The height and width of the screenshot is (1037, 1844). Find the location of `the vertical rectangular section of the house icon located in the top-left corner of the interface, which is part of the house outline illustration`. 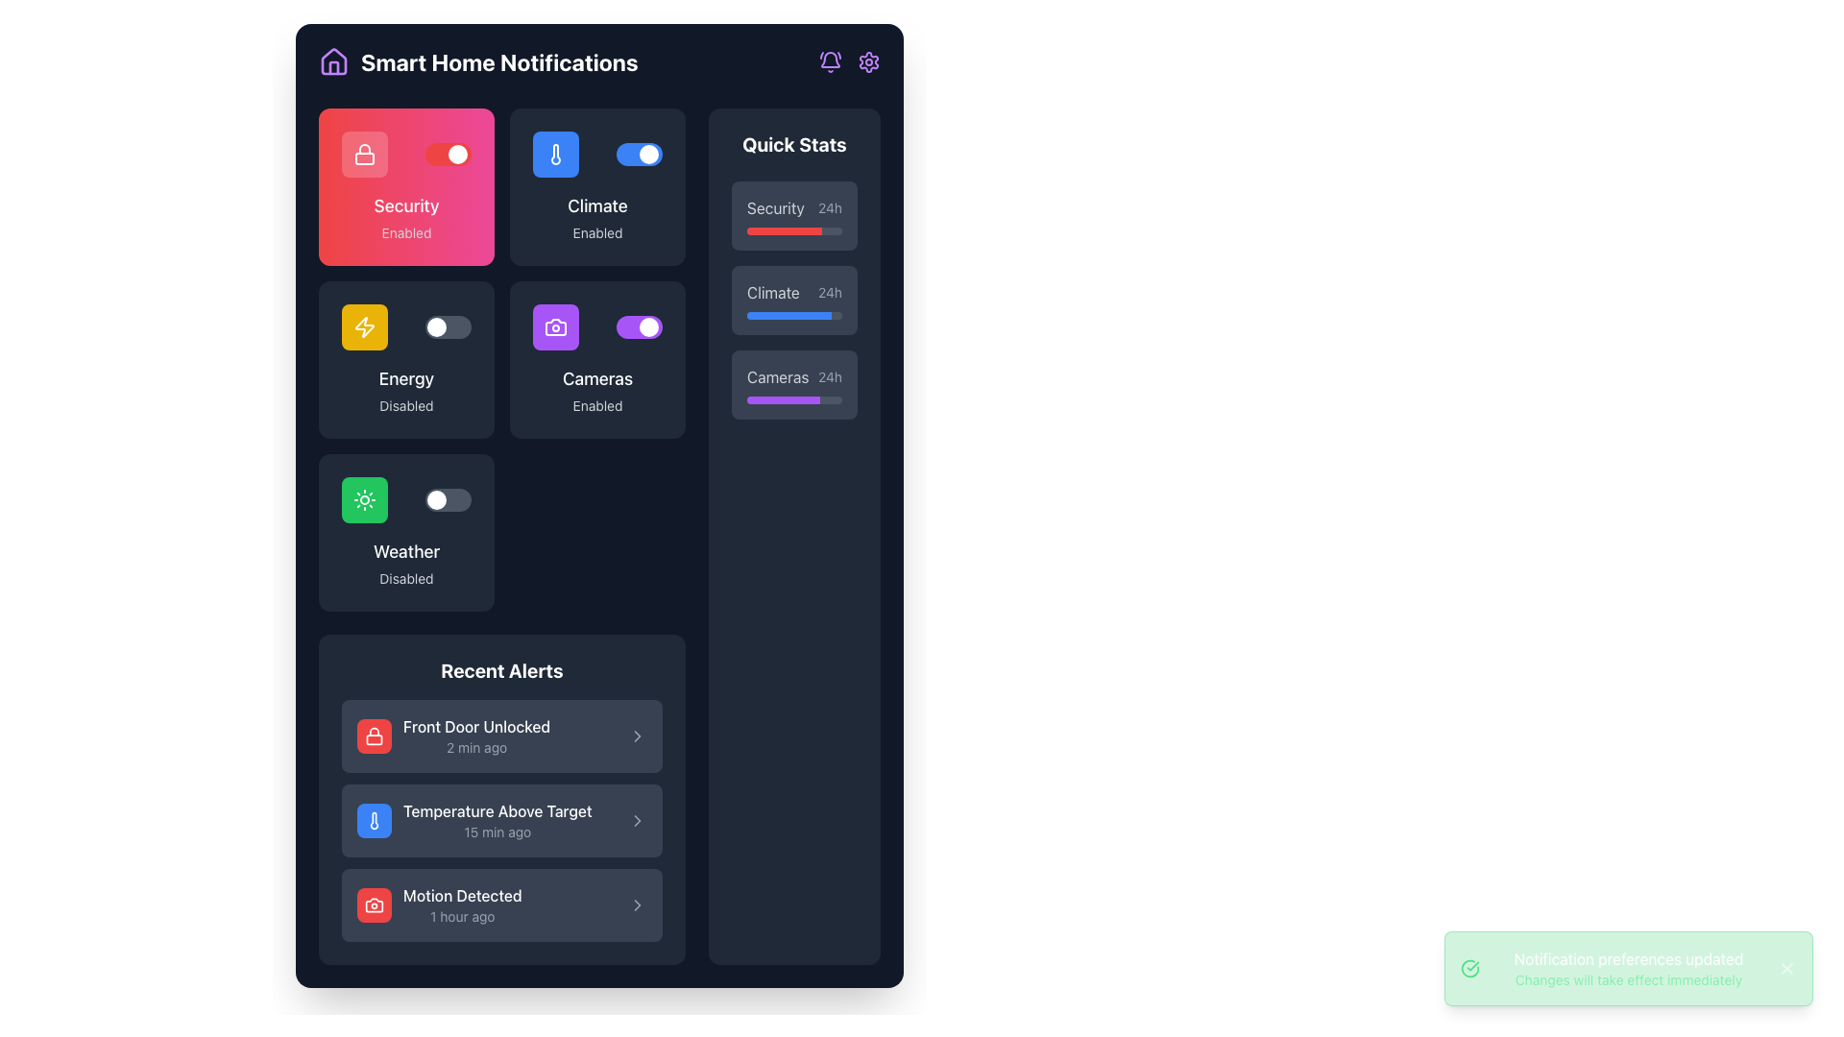

the vertical rectangular section of the house icon located in the top-left corner of the interface, which is part of the house outline illustration is located at coordinates (333, 66).